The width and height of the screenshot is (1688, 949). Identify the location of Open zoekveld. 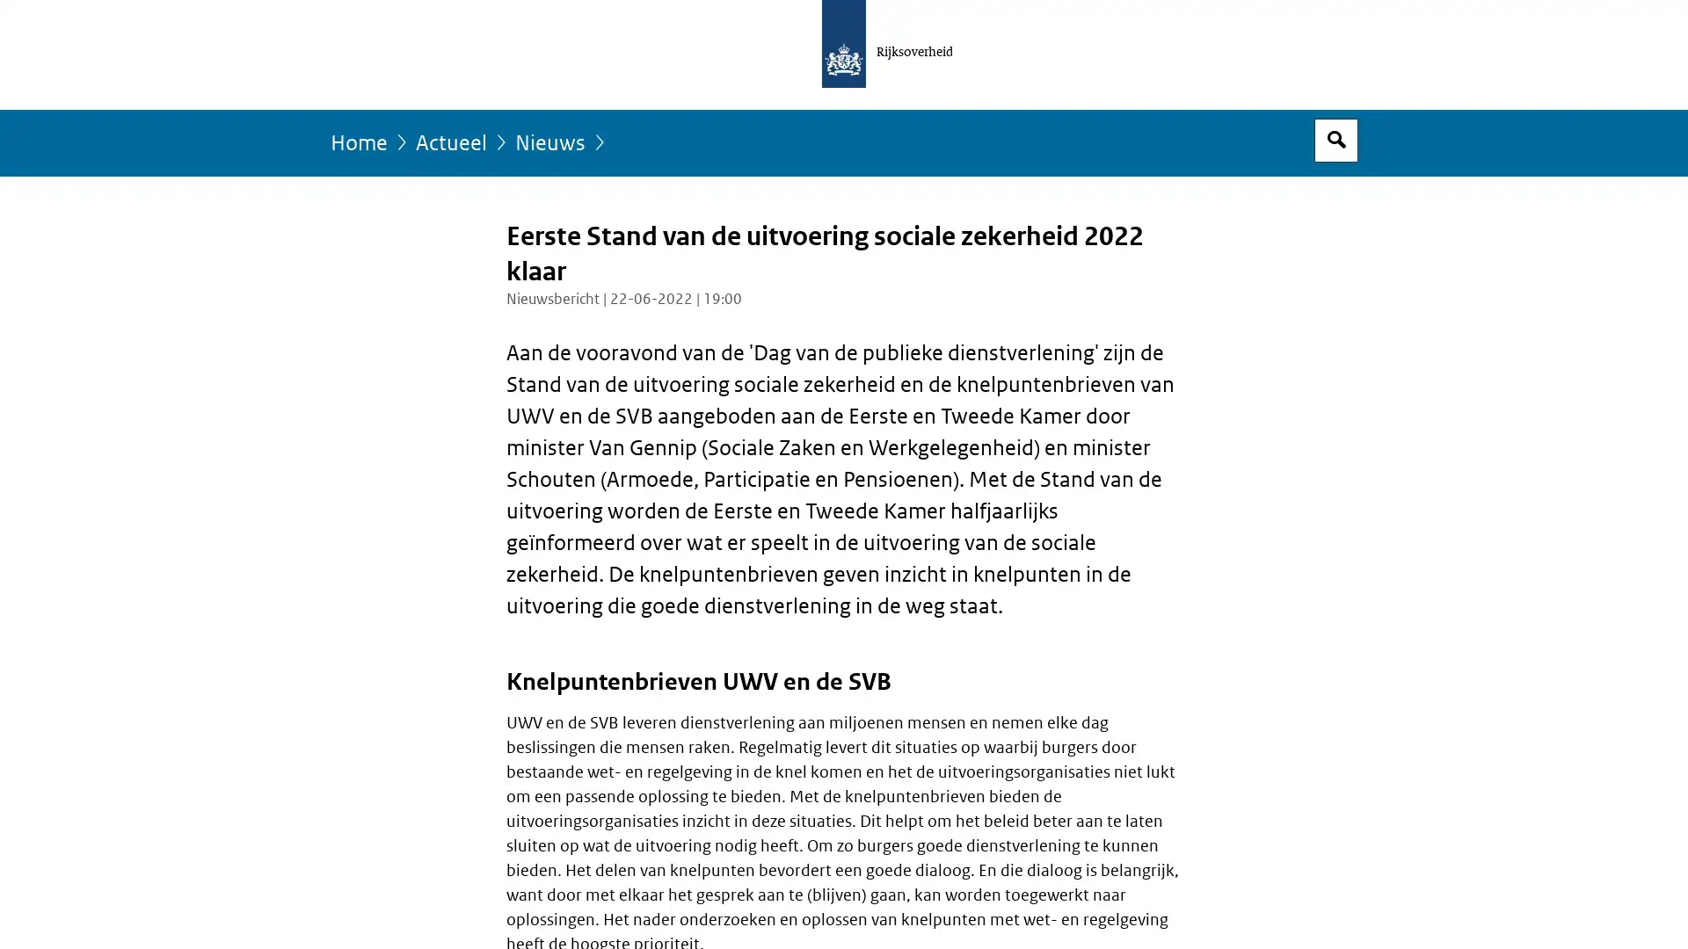
(1336, 139).